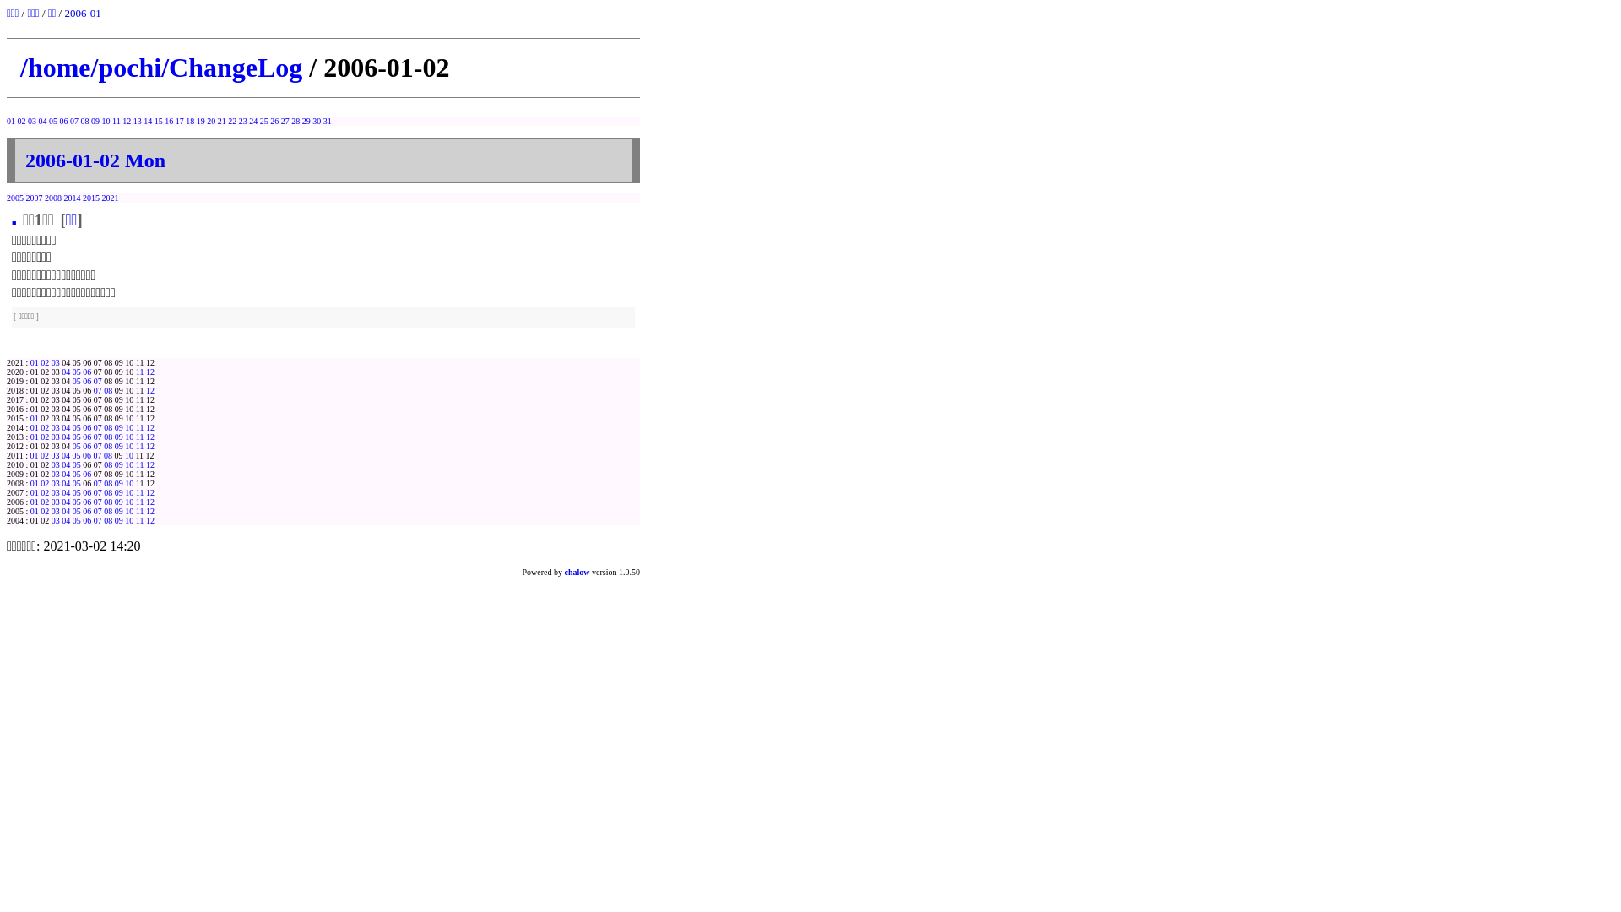  Describe the element at coordinates (107, 454) in the screenshot. I see `'08'` at that location.